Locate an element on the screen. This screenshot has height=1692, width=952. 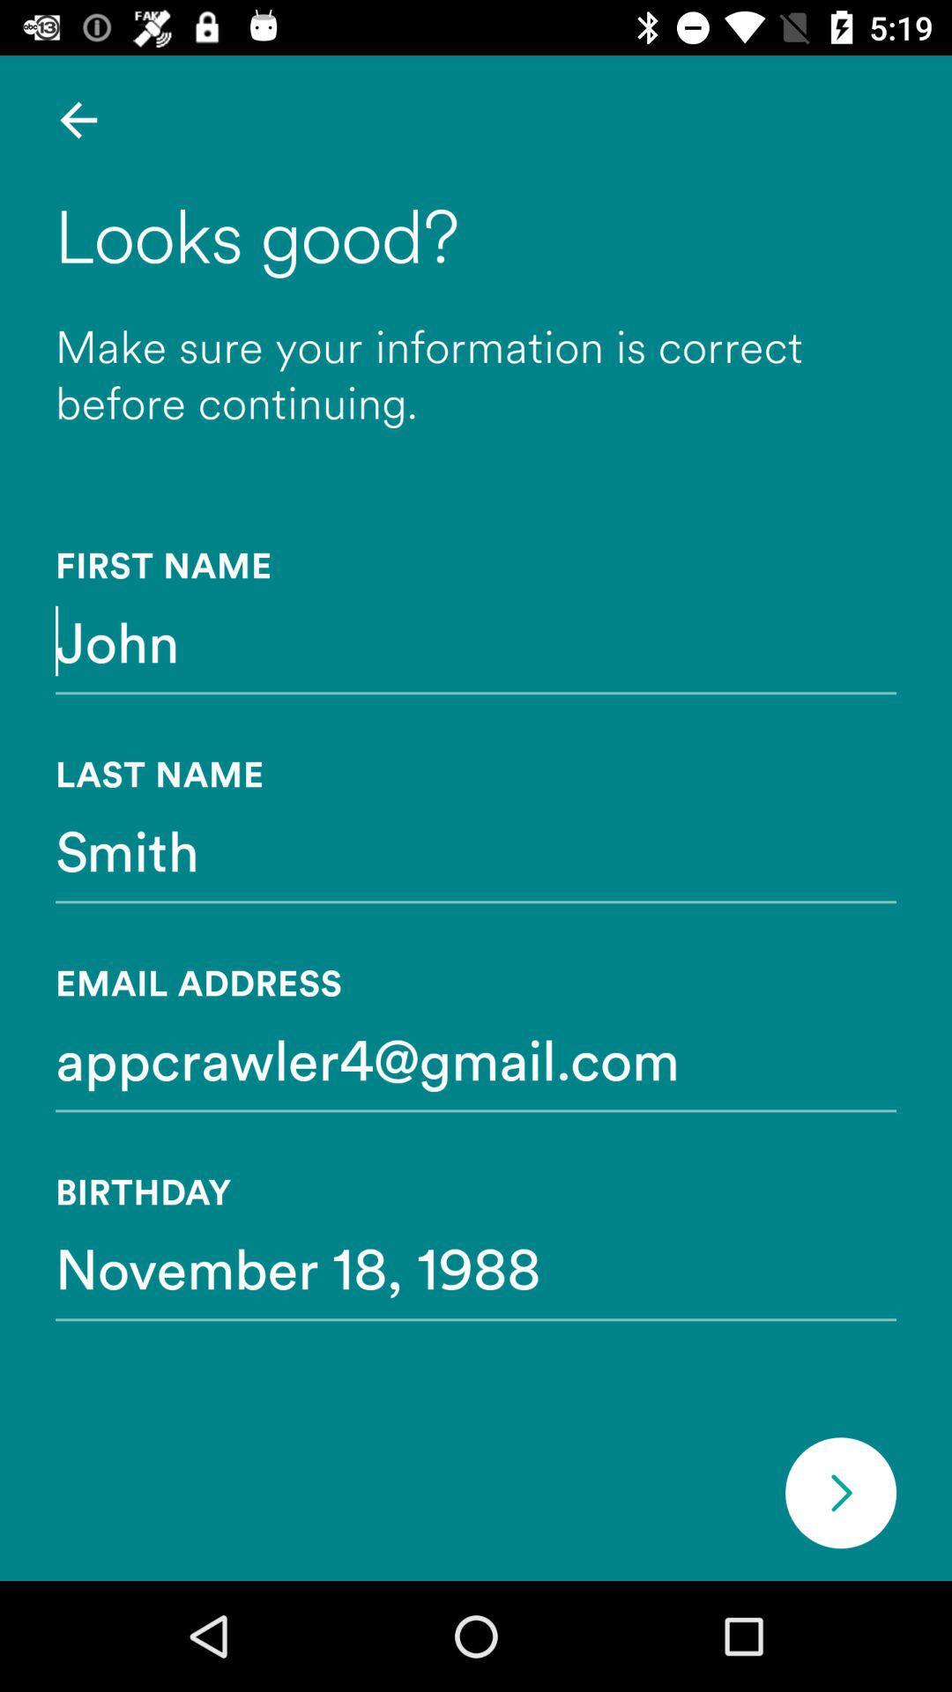
november 18, 1988 icon is located at coordinates (476, 1266).